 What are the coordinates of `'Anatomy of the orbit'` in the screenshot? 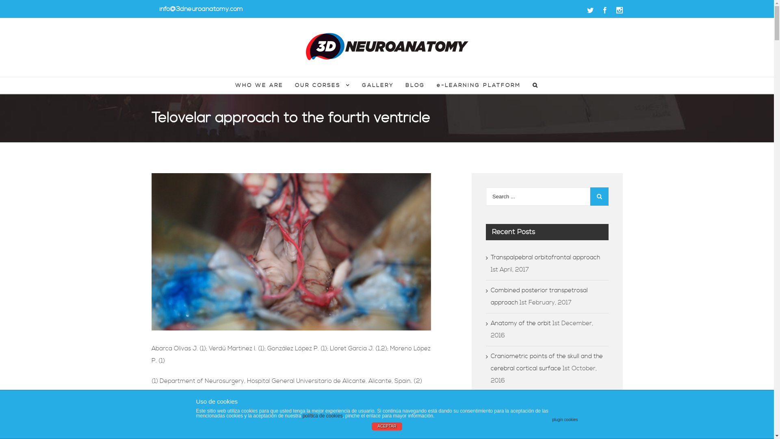 It's located at (520, 323).